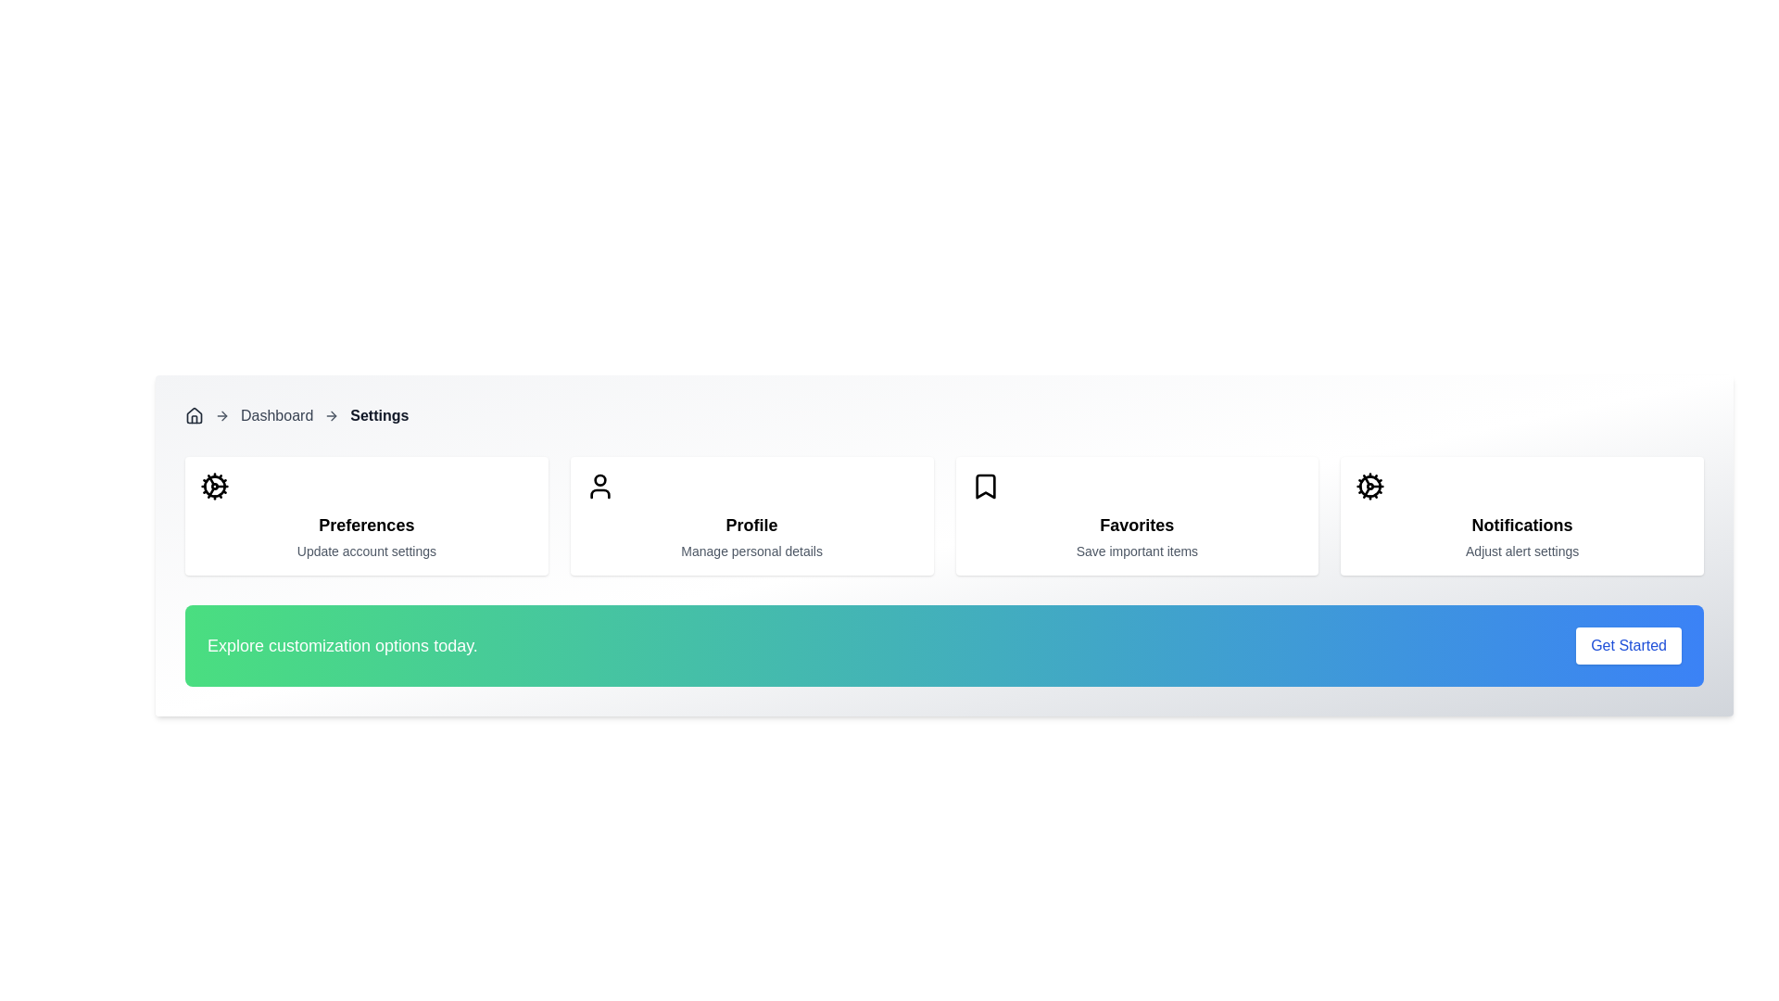 This screenshot has height=1001, width=1779. Describe the element at coordinates (1136, 550) in the screenshot. I see `the static text label reading 'Save important items' located within the 'Favorites' card, positioned below the title 'Favorites'` at that location.